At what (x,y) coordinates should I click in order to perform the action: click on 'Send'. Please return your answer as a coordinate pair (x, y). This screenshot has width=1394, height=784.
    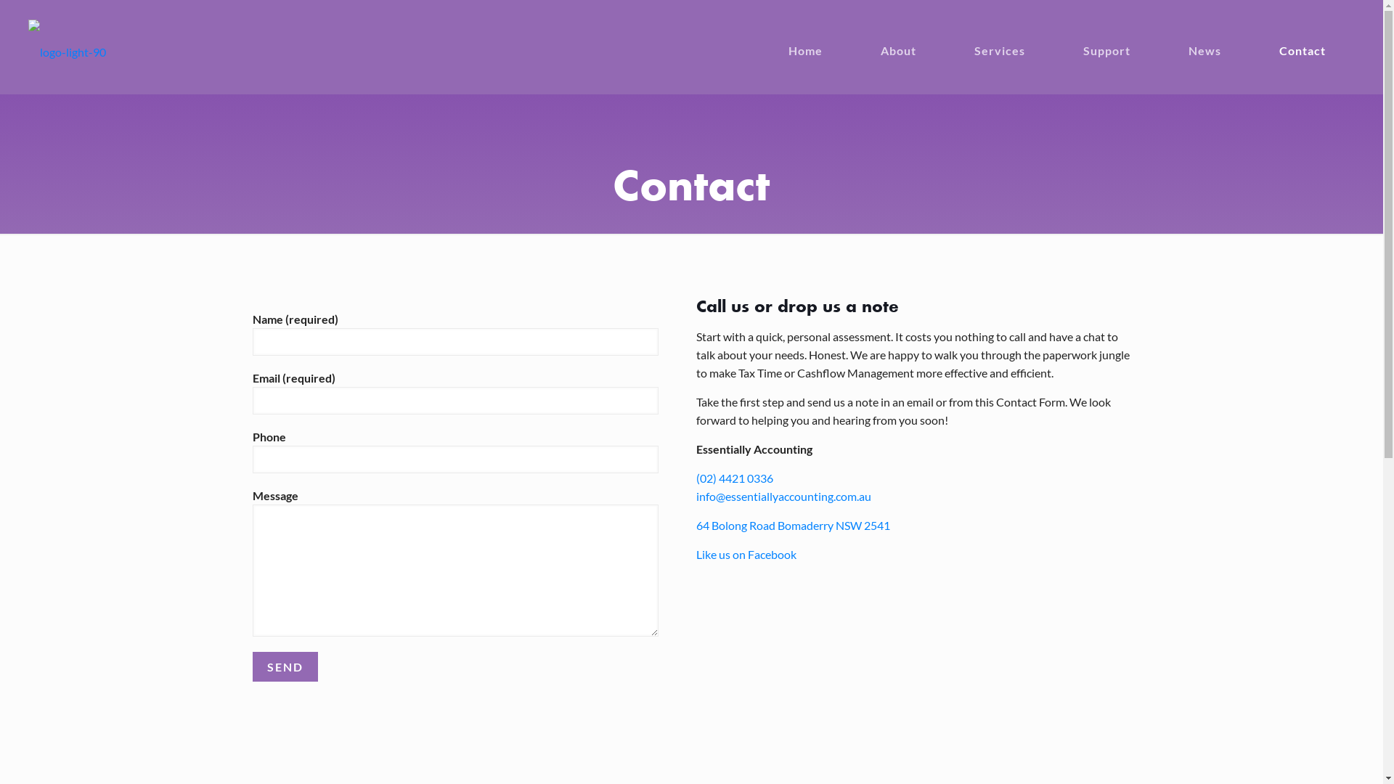
    Looking at the image, I should click on (285, 666).